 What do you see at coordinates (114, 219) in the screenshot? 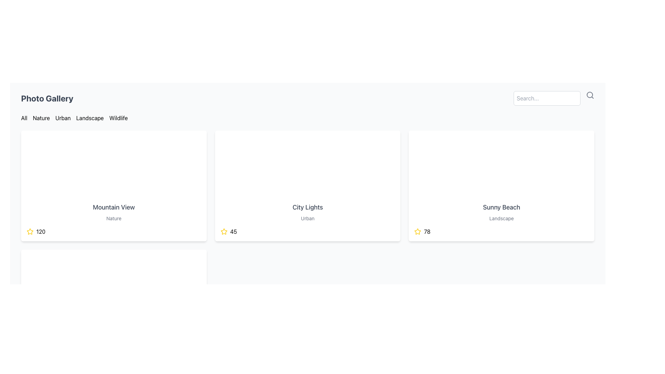
I see `the static text label displaying 'nature' located beneath the 'Mountain View' heading` at bounding box center [114, 219].